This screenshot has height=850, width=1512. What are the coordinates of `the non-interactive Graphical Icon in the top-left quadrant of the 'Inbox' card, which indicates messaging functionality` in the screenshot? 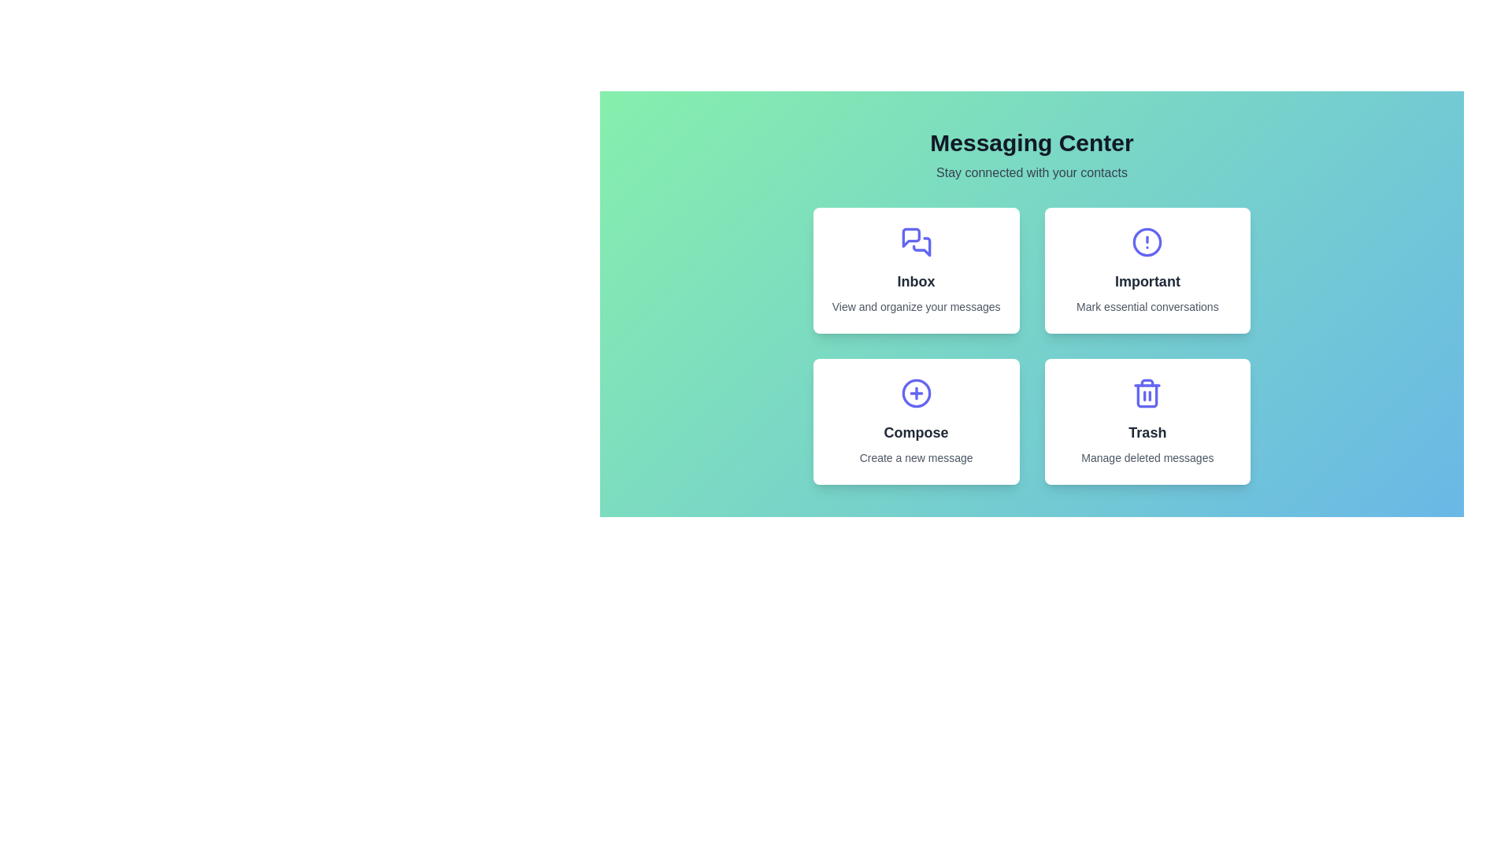 It's located at (910, 238).